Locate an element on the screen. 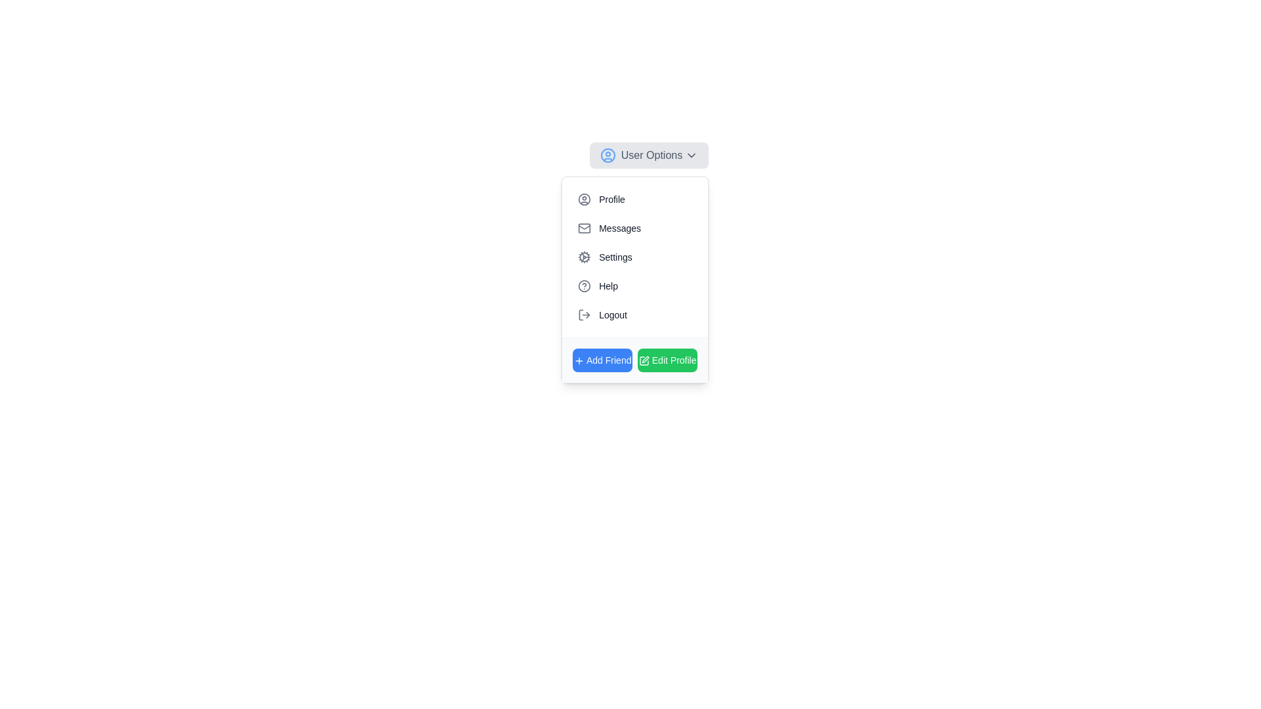  the 'Profile' menu item icon, which is the leftmost icon in the dropdown labeled 'User Options', adjacent to the text 'Profile' is located at coordinates (584, 200).